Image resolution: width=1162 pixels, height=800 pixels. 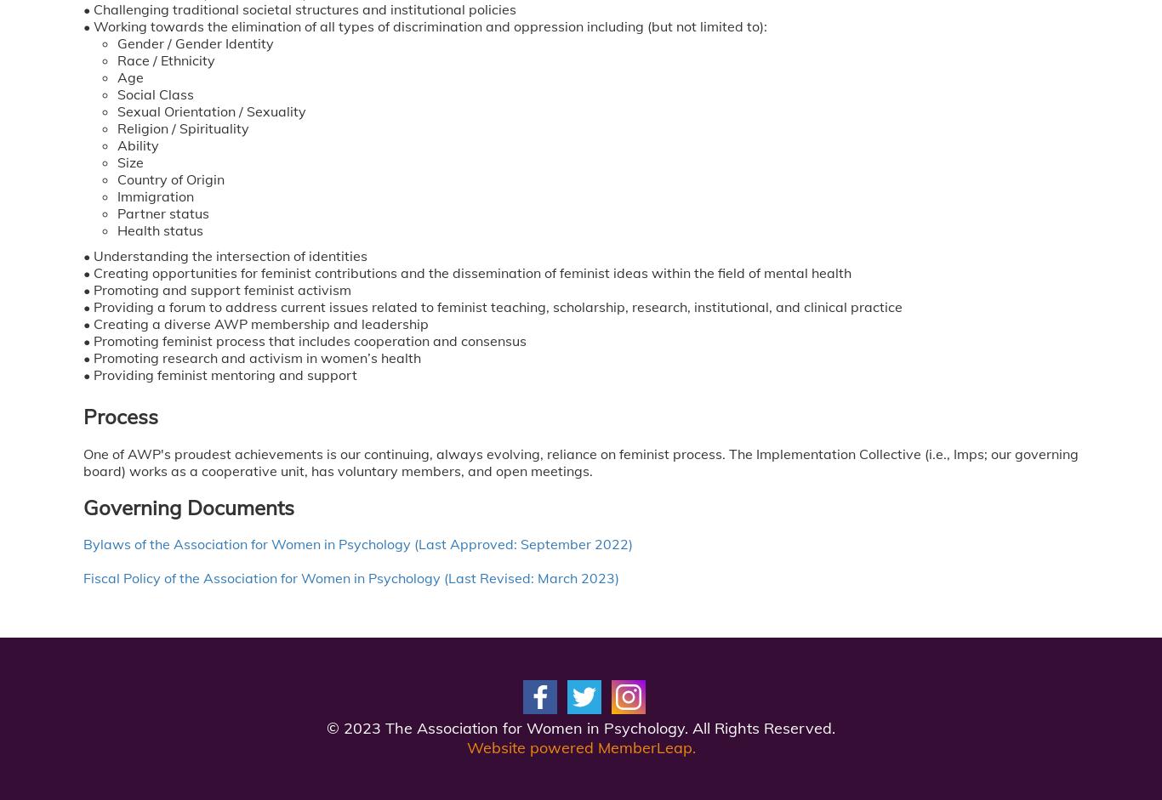 I want to click on 'Process', so click(x=120, y=415).